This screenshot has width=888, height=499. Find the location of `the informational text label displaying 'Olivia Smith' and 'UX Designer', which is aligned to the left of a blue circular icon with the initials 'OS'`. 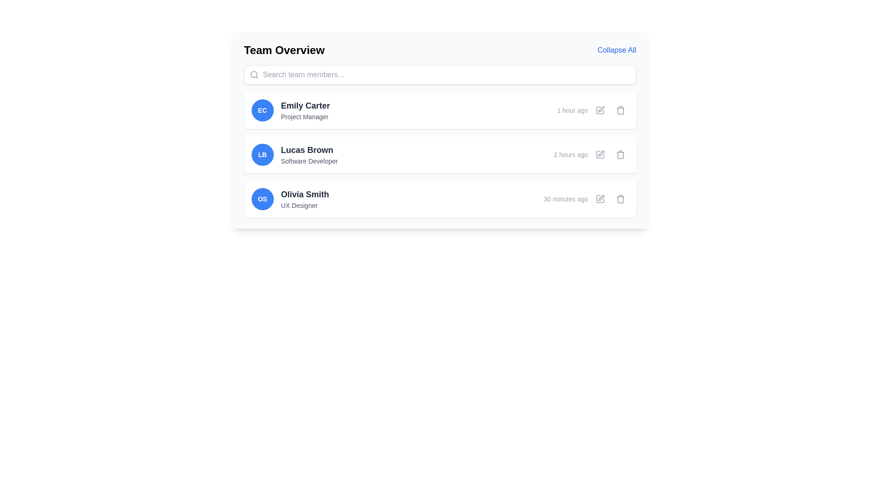

the informational text label displaying 'Olivia Smith' and 'UX Designer', which is aligned to the left of a blue circular icon with the initials 'OS' is located at coordinates (305, 199).